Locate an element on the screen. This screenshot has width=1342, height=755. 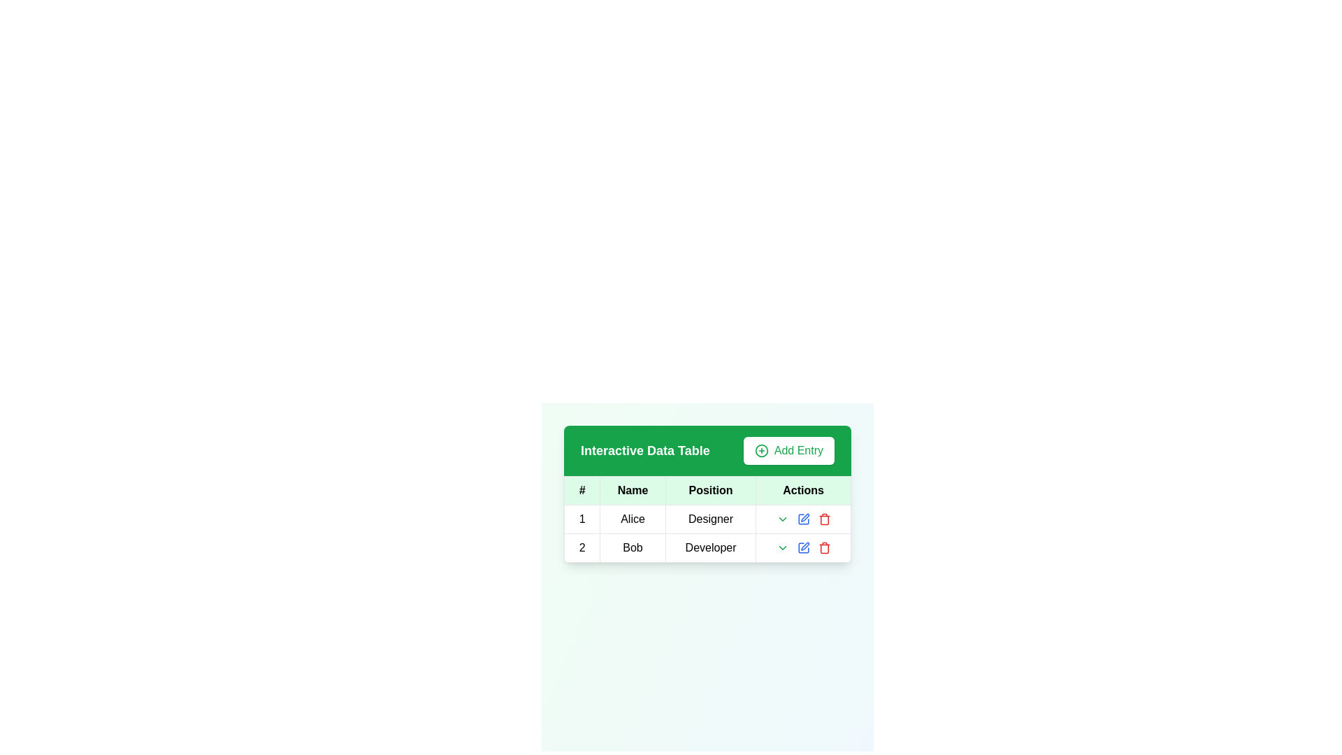
the 'Position' column label in the table, which is the third column header located between the 'Name' and 'Actions' headers is located at coordinates (711, 490).